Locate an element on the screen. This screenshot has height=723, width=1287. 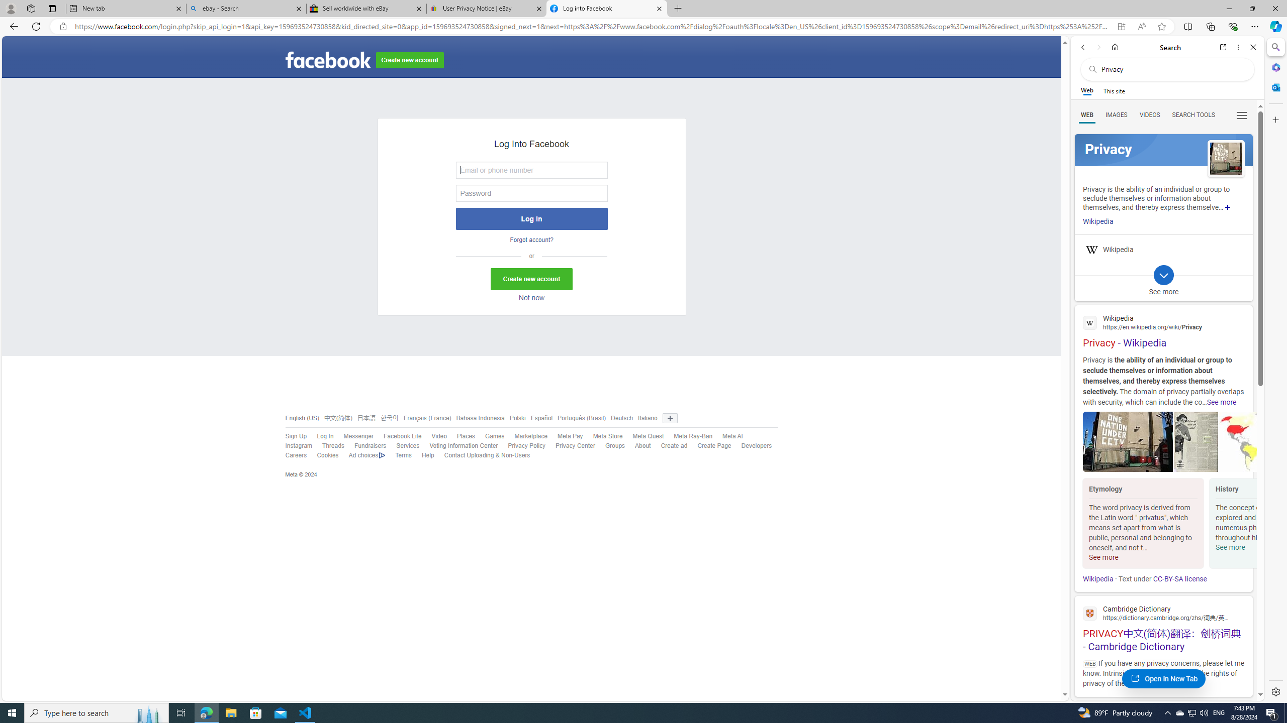
'VIDEOS' is located at coordinates (1149, 115).